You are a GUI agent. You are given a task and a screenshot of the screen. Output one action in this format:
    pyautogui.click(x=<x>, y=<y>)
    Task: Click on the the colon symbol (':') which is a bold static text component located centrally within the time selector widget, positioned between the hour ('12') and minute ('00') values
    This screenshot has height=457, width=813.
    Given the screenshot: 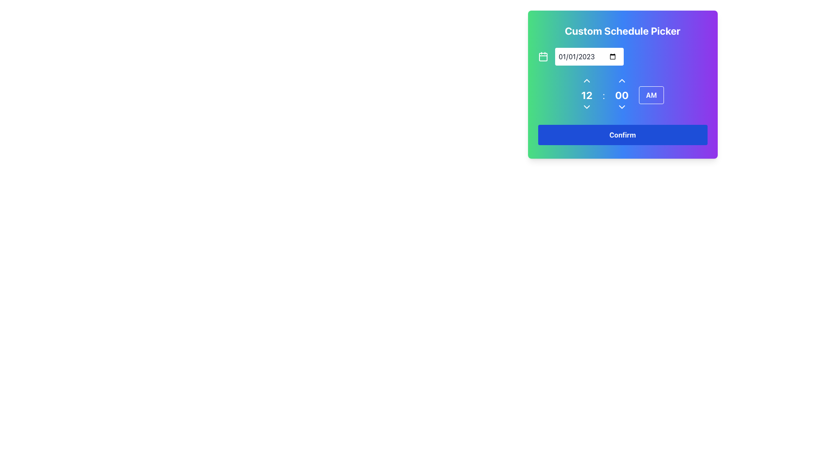 What is the action you would take?
    pyautogui.click(x=603, y=95)
    